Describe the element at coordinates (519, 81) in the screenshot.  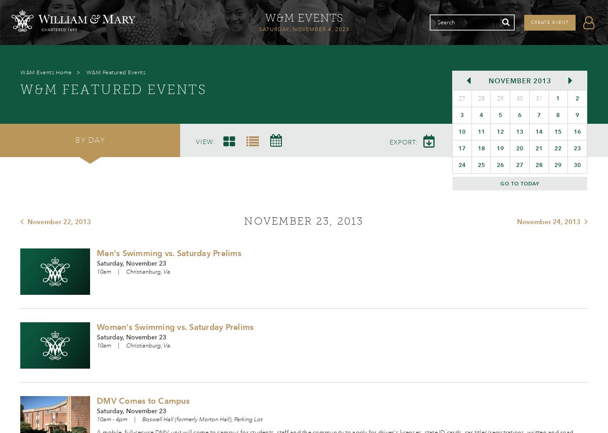
I see `'November 2013'` at that location.